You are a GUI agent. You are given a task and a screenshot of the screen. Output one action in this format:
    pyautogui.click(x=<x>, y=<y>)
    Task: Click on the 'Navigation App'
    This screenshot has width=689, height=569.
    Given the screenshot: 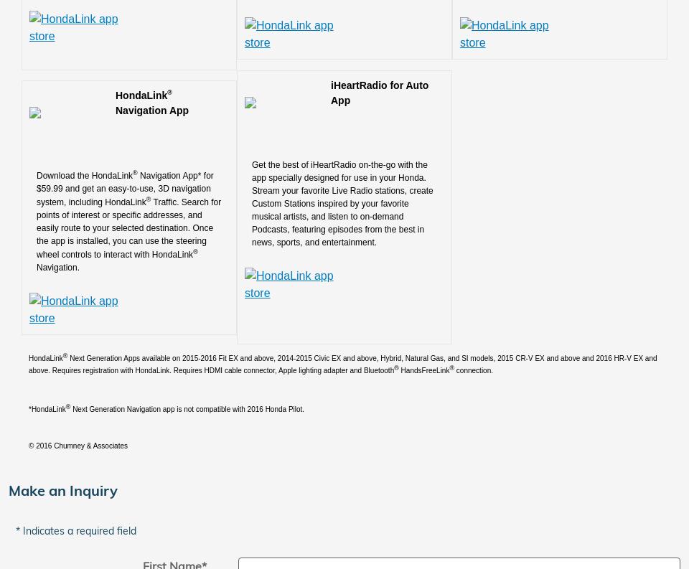 What is the action you would take?
    pyautogui.click(x=151, y=109)
    